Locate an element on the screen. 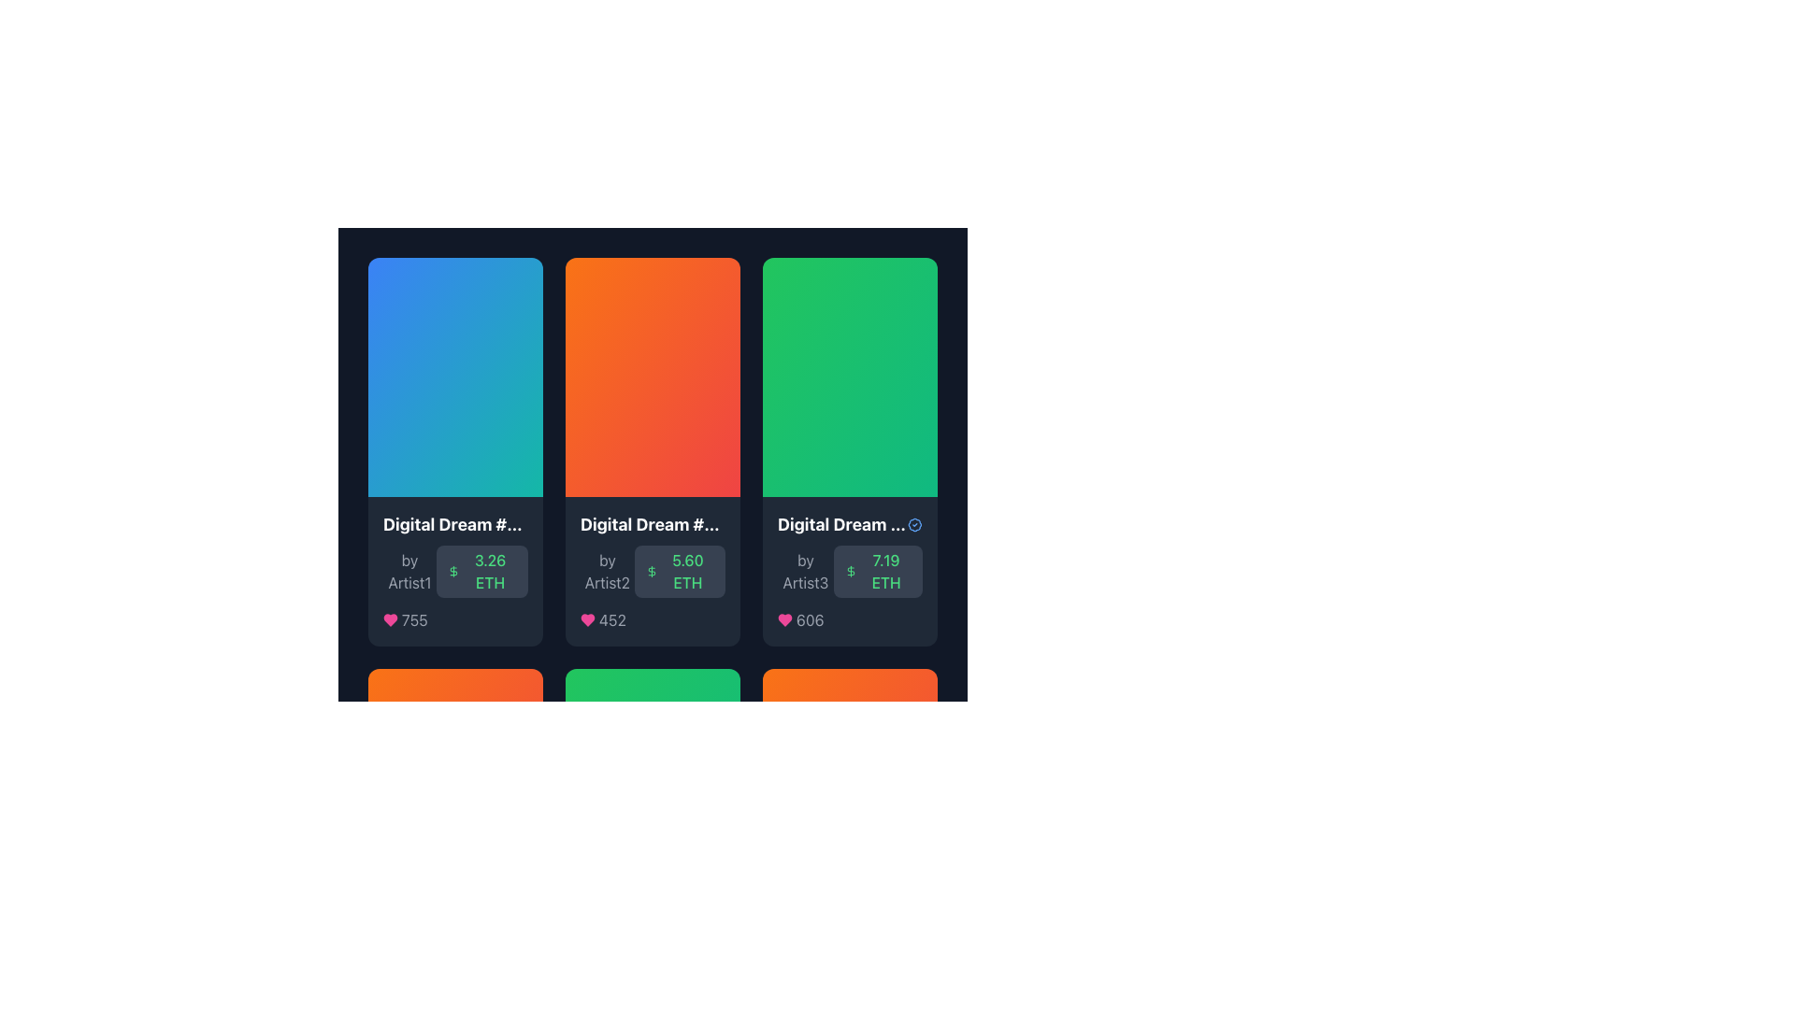  the Decorative area at the top of the first card in a horizontally-aligned list, which serves as a display area for an image or decorative background is located at coordinates (455, 377).